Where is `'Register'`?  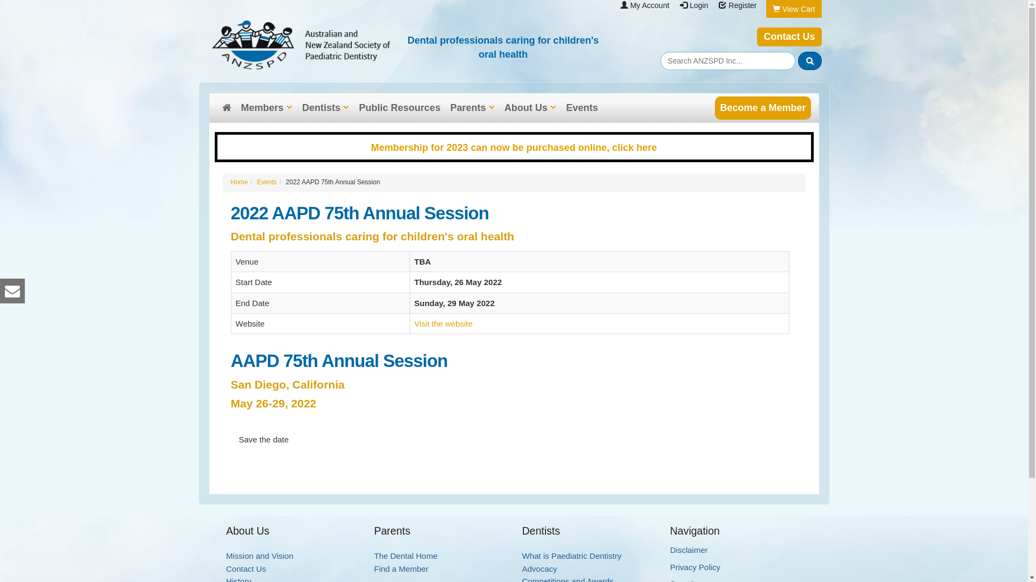 'Register' is located at coordinates (728, 5).